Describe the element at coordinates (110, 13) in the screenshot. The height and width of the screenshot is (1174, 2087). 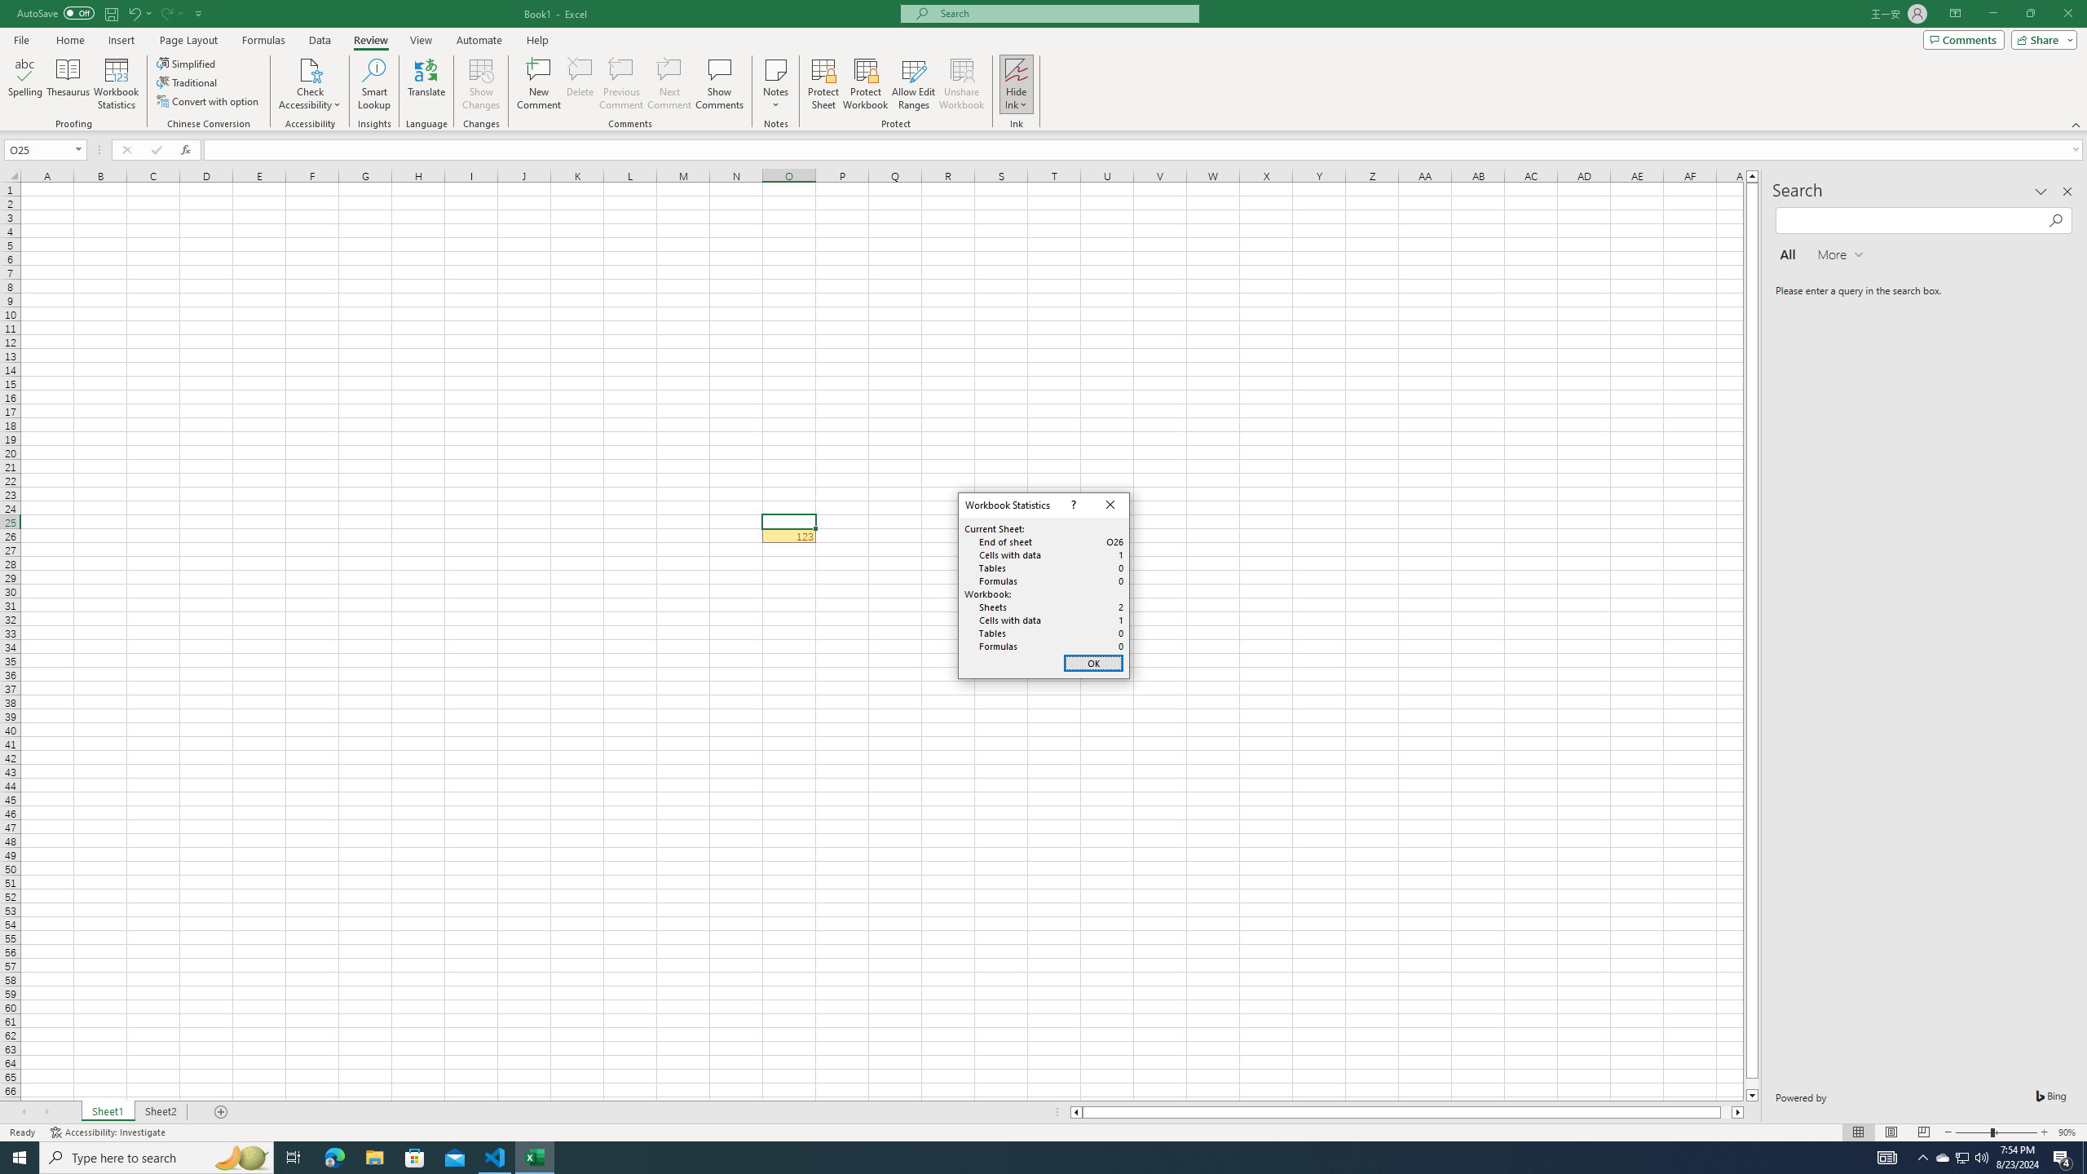
I see `'Quick Access Toolbar'` at that location.